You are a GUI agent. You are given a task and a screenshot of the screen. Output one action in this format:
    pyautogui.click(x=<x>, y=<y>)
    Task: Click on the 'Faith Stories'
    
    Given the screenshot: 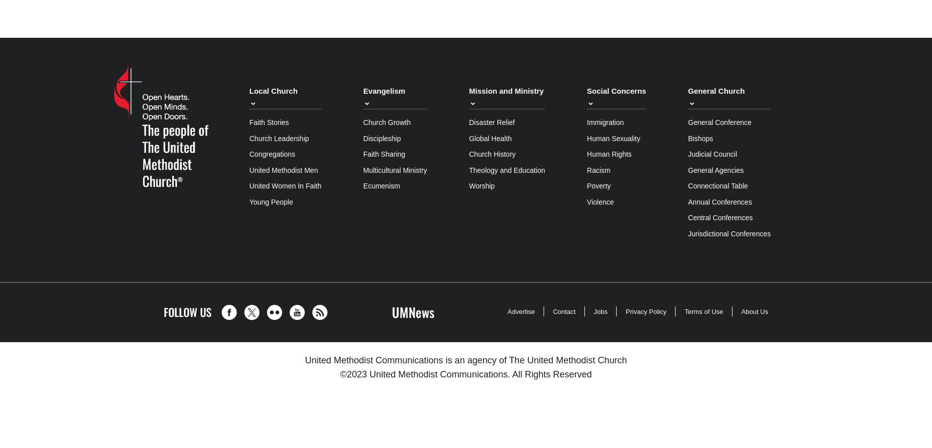 What is the action you would take?
    pyautogui.click(x=269, y=121)
    